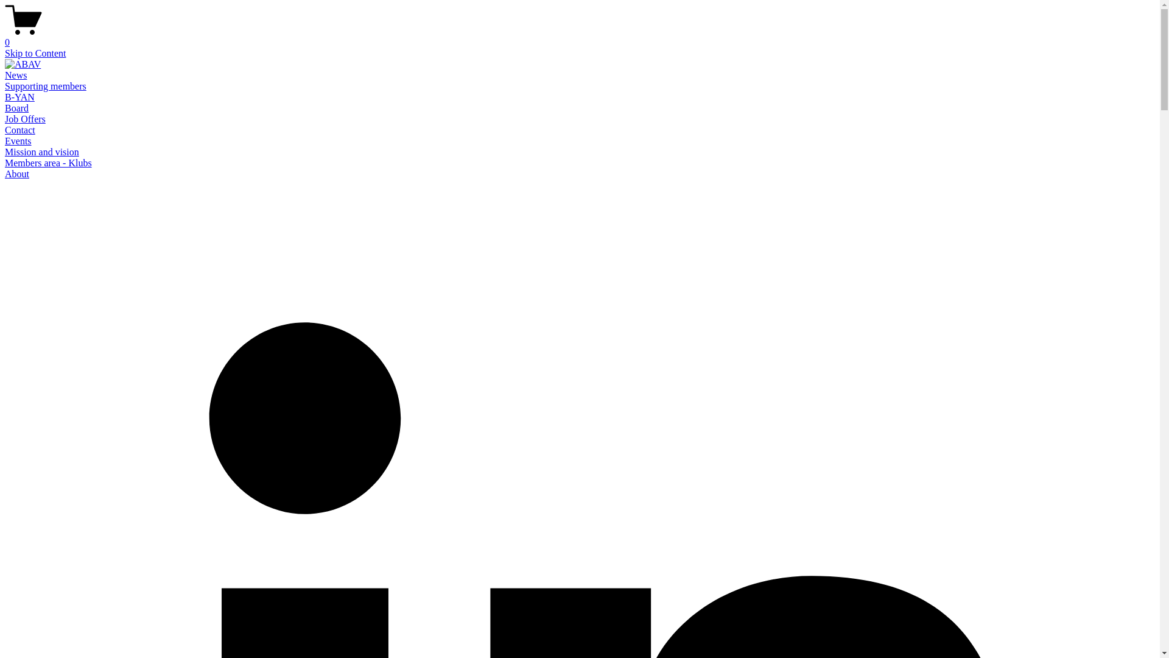 This screenshot has height=658, width=1169. What do you see at coordinates (16, 107) in the screenshot?
I see `'Board'` at bounding box center [16, 107].